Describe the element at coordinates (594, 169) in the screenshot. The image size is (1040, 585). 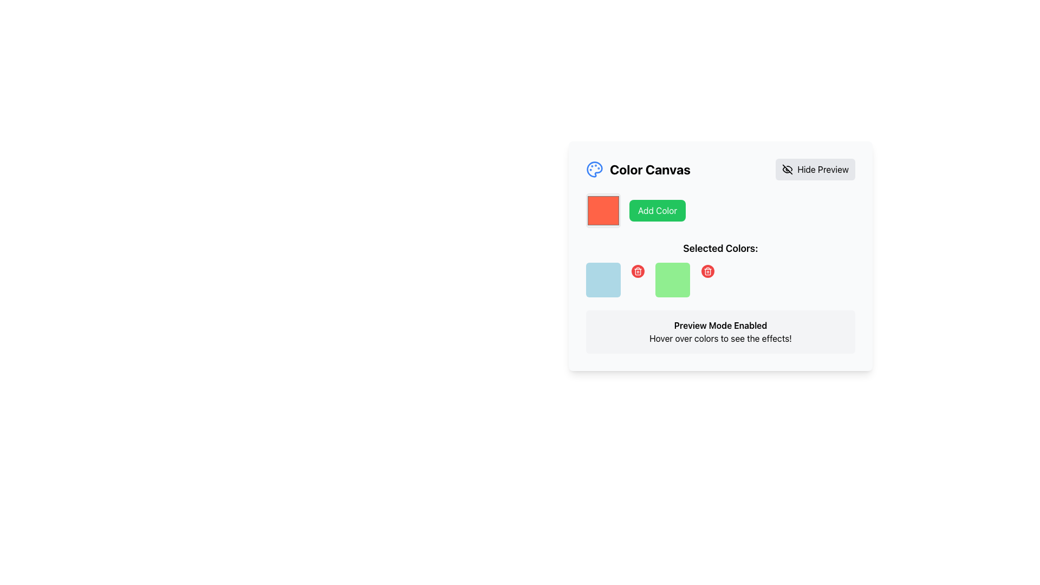
I see `the blue palette icon located to the left of the 'Color Canvas' heading in the header section of the 'Color Canvas' widget` at that location.